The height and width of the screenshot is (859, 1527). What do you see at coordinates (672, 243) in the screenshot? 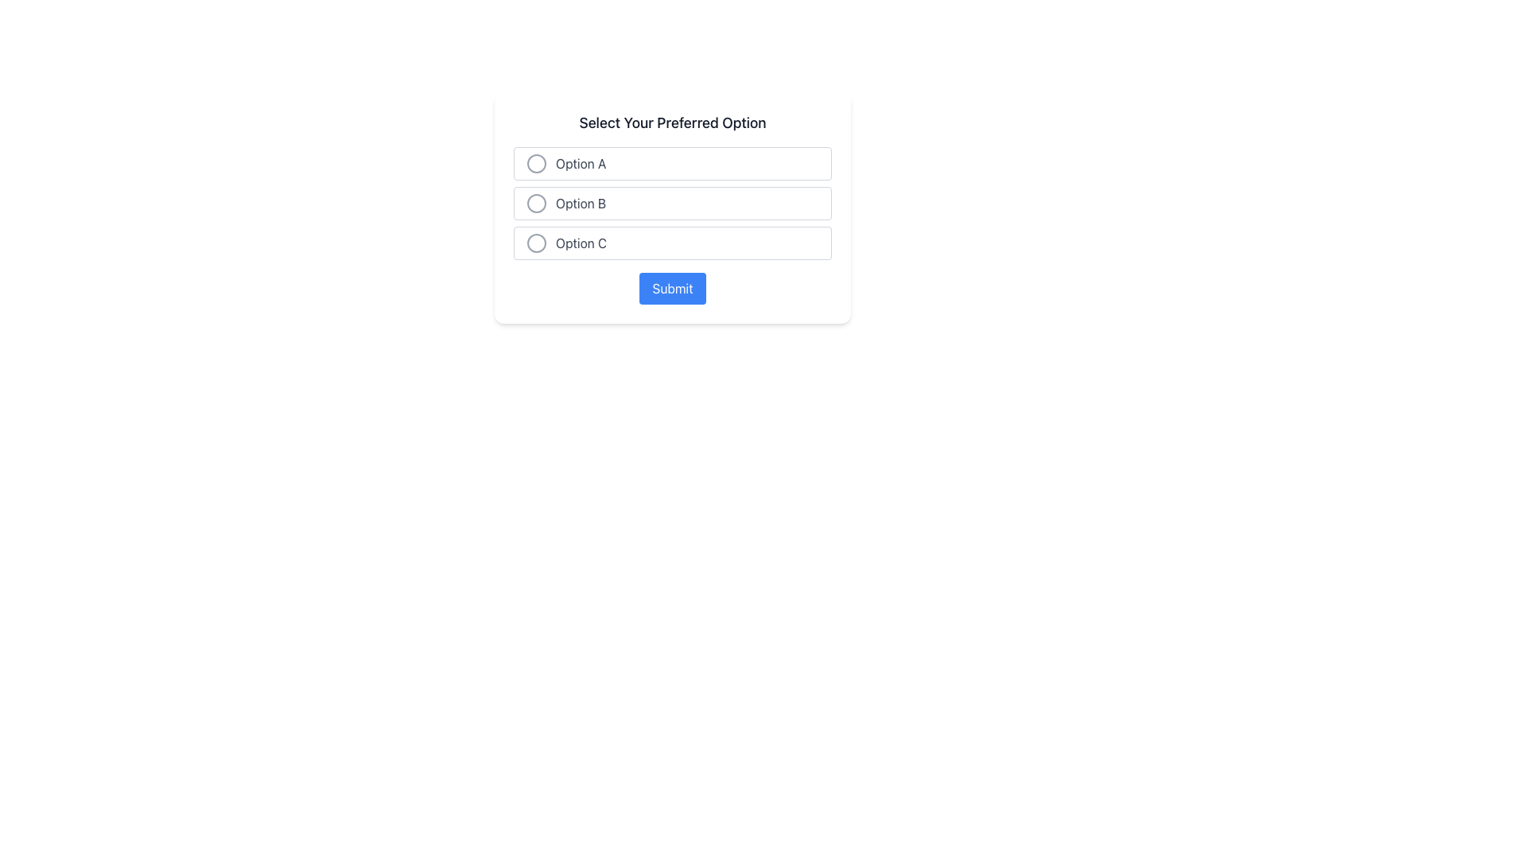
I see `the radio button labeled 'Option C'` at bounding box center [672, 243].